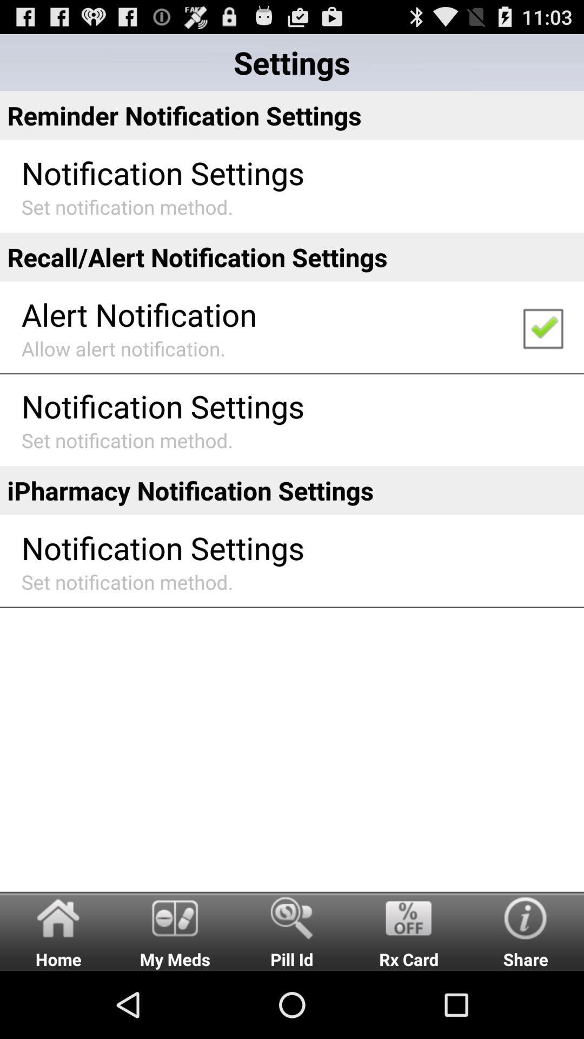 The height and width of the screenshot is (1039, 584). I want to click on item to the right of the my meds, so click(292, 930).